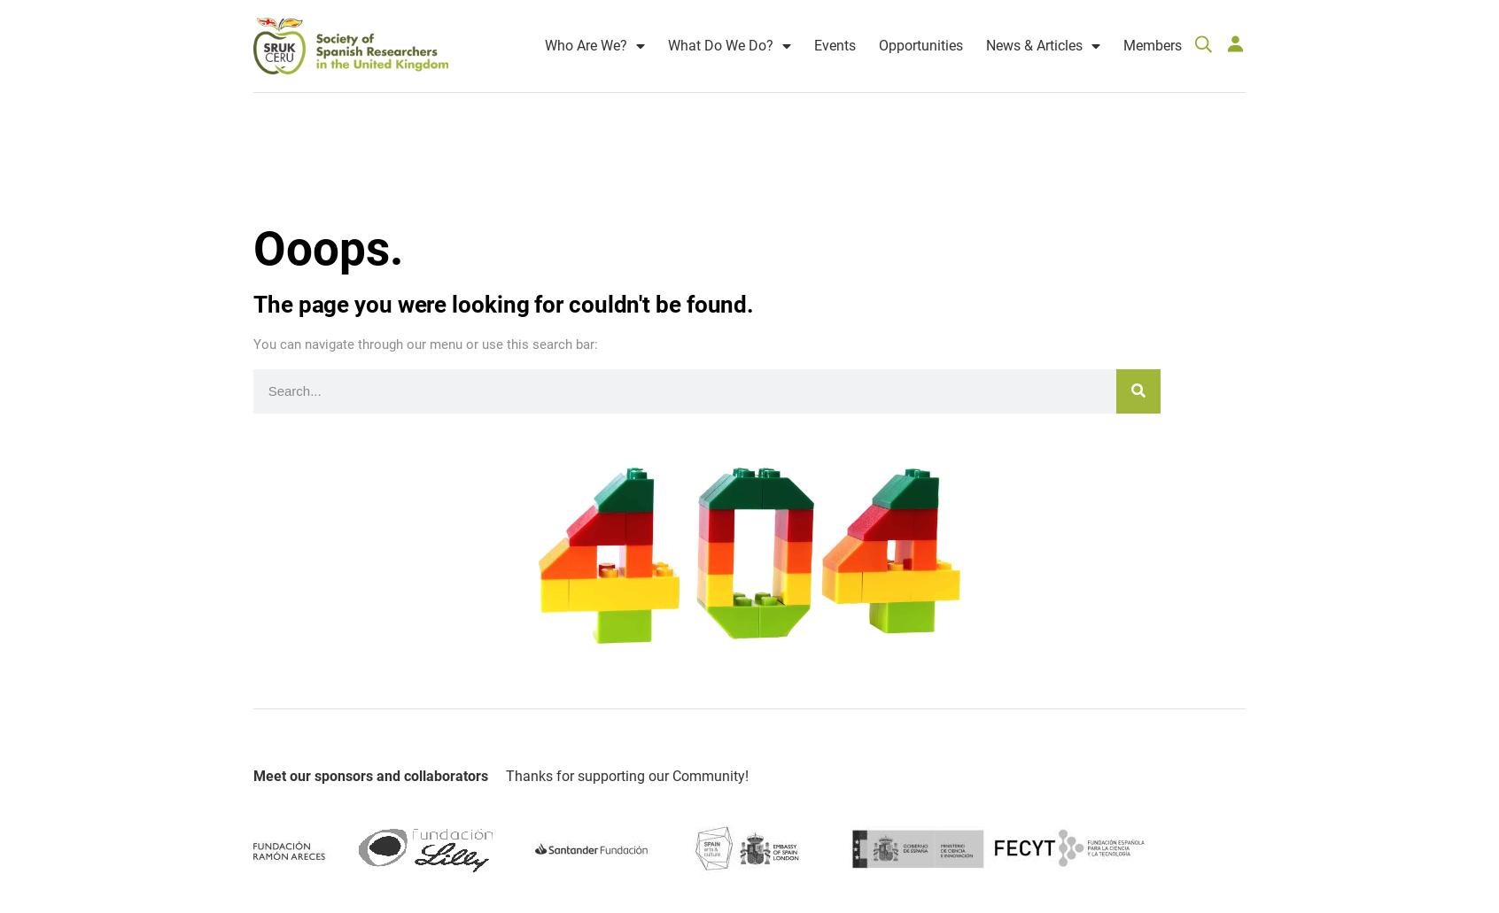 This screenshot has height=913, width=1499. What do you see at coordinates (1033, 29) in the screenshot?
I see `'News & Articles'` at bounding box center [1033, 29].